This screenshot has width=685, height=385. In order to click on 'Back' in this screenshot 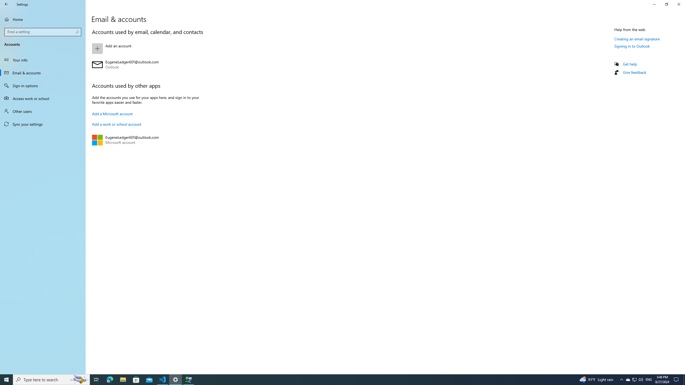, I will do `click(6, 4)`.